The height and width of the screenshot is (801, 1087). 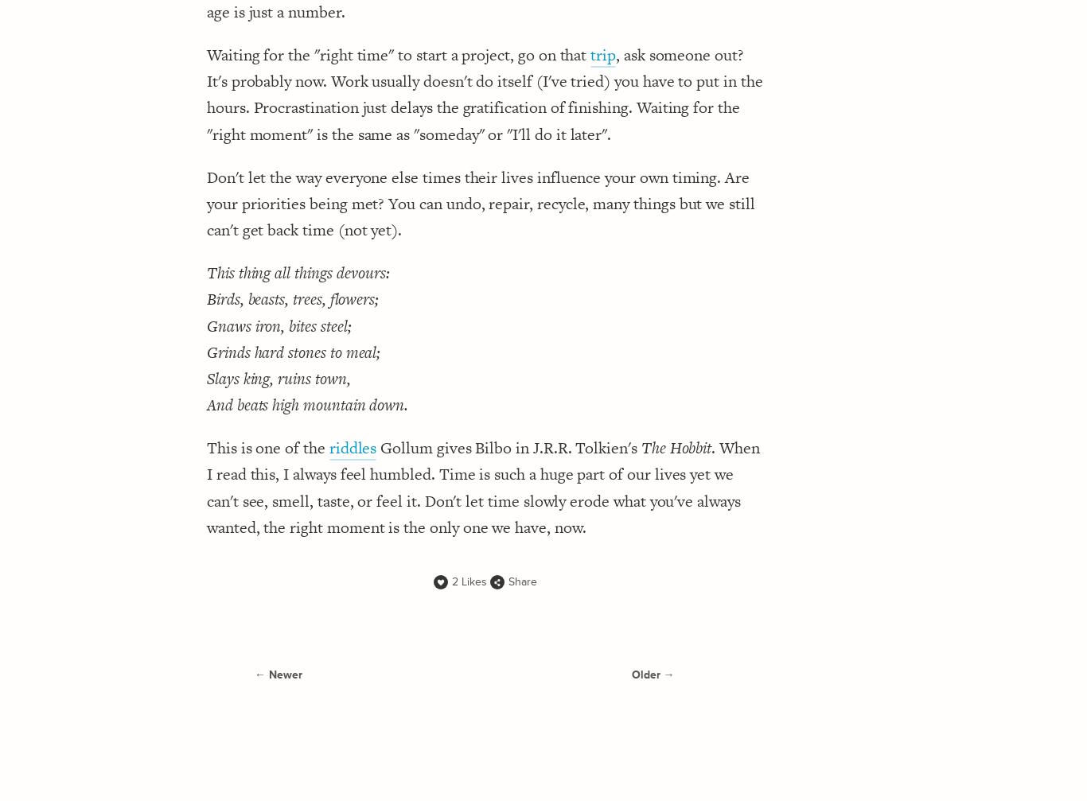 I want to click on 'The Hobbit', so click(x=675, y=447).